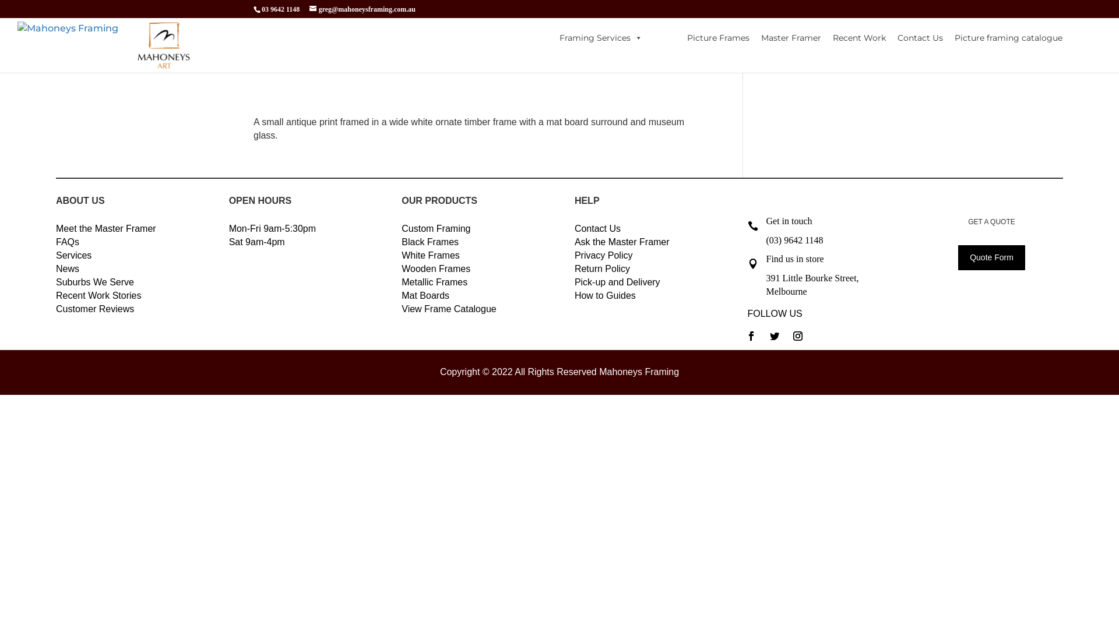  Describe the element at coordinates (797, 336) in the screenshot. I see `'Follow on Instagram'` at that location.